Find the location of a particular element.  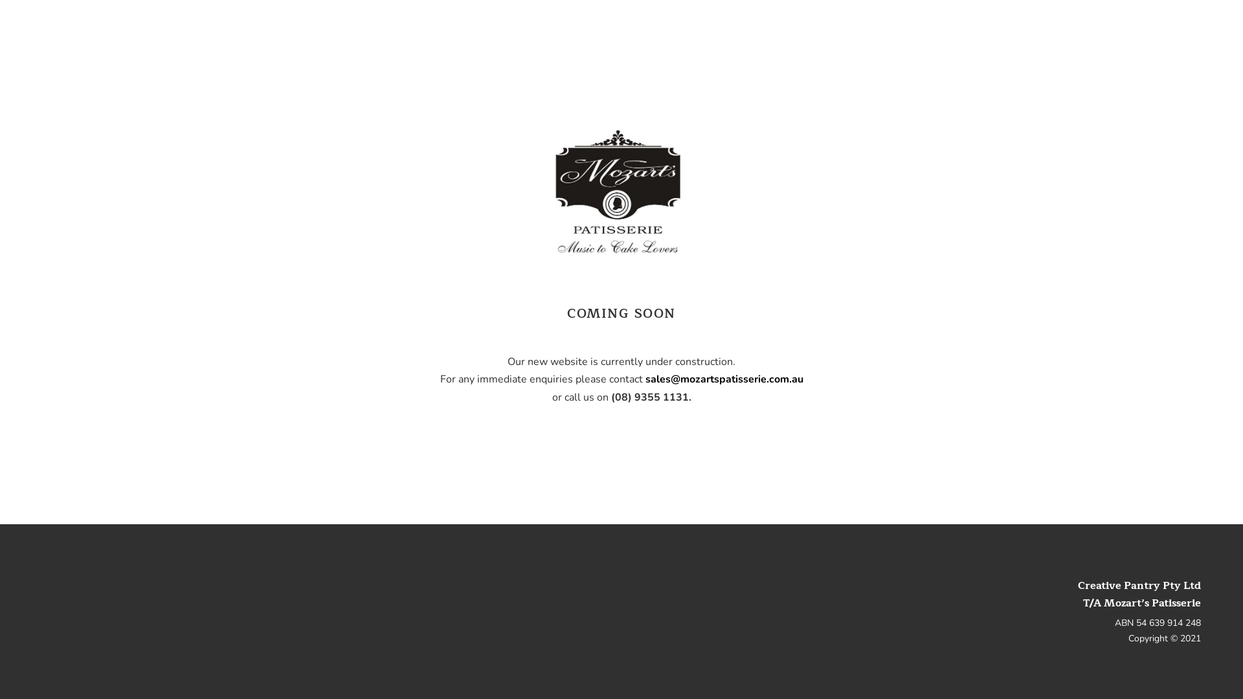

'sales@mozartspatisserie.com.au' is located at coordinates (645, 379).